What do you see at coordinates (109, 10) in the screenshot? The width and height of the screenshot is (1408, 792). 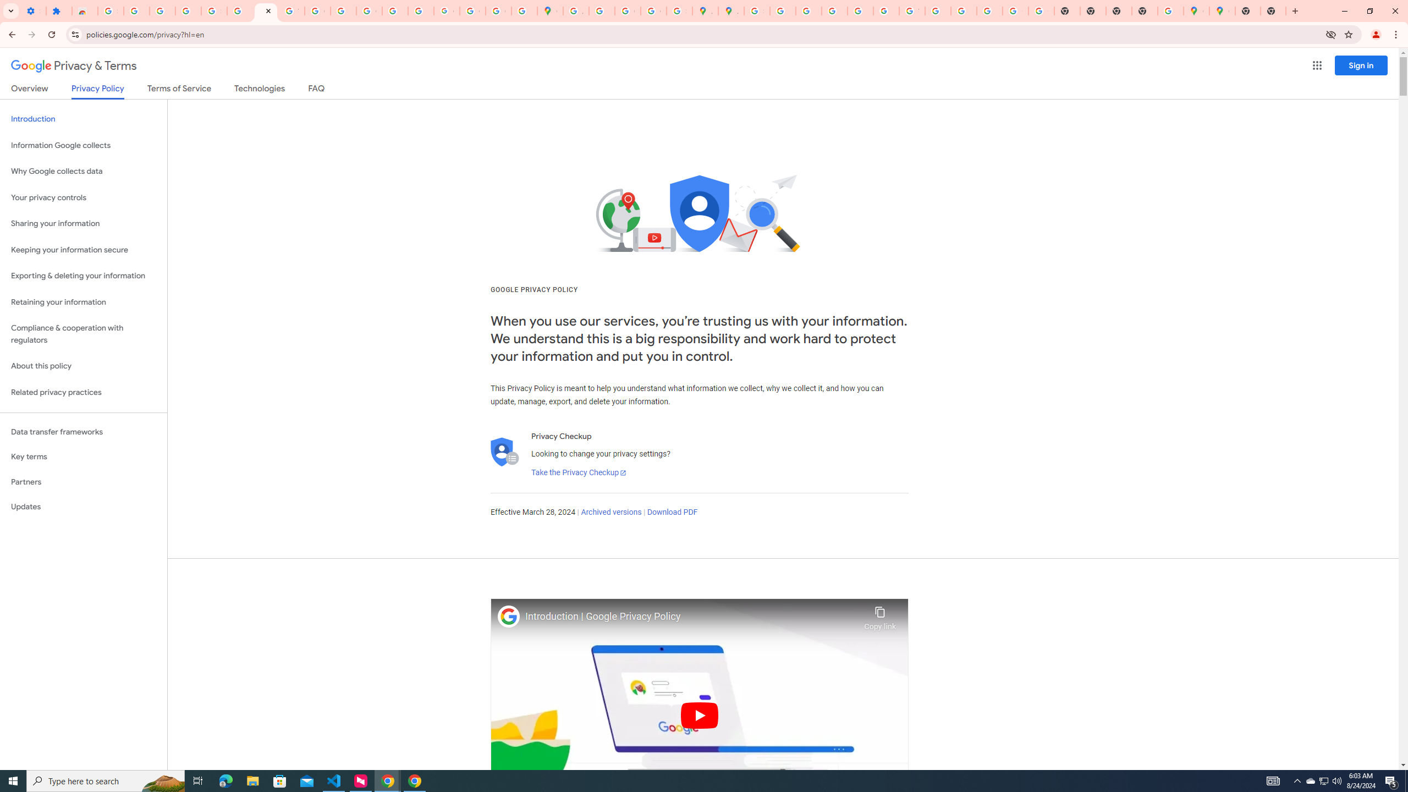 I see `'Sign in - Google Accounts'` at bounding box center [109, 10].